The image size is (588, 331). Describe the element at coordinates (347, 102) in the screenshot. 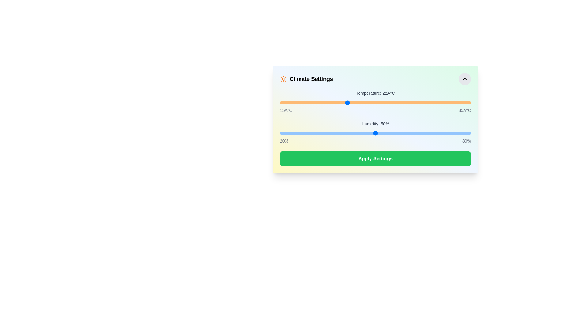

I see `the temperature` at that location.